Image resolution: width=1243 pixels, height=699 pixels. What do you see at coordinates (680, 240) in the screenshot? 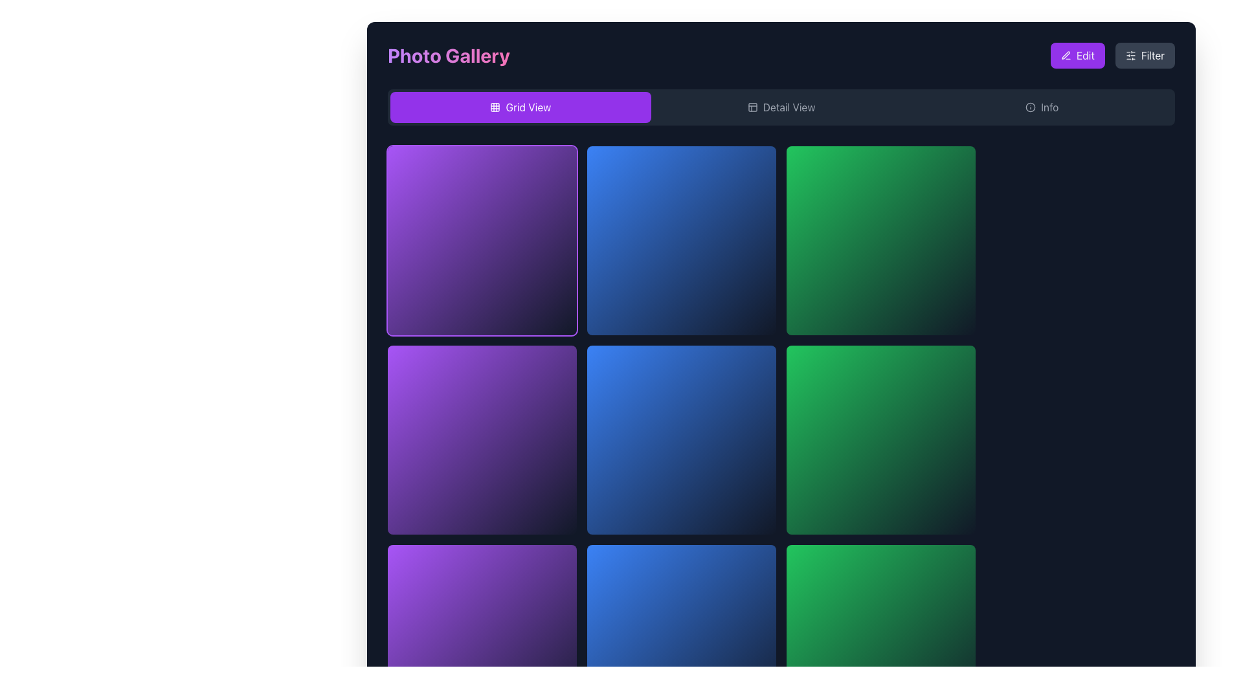
I see `the square grid tile with a gradient background located in the second column of the grid layout's first row` at bounding box center [680, 240].